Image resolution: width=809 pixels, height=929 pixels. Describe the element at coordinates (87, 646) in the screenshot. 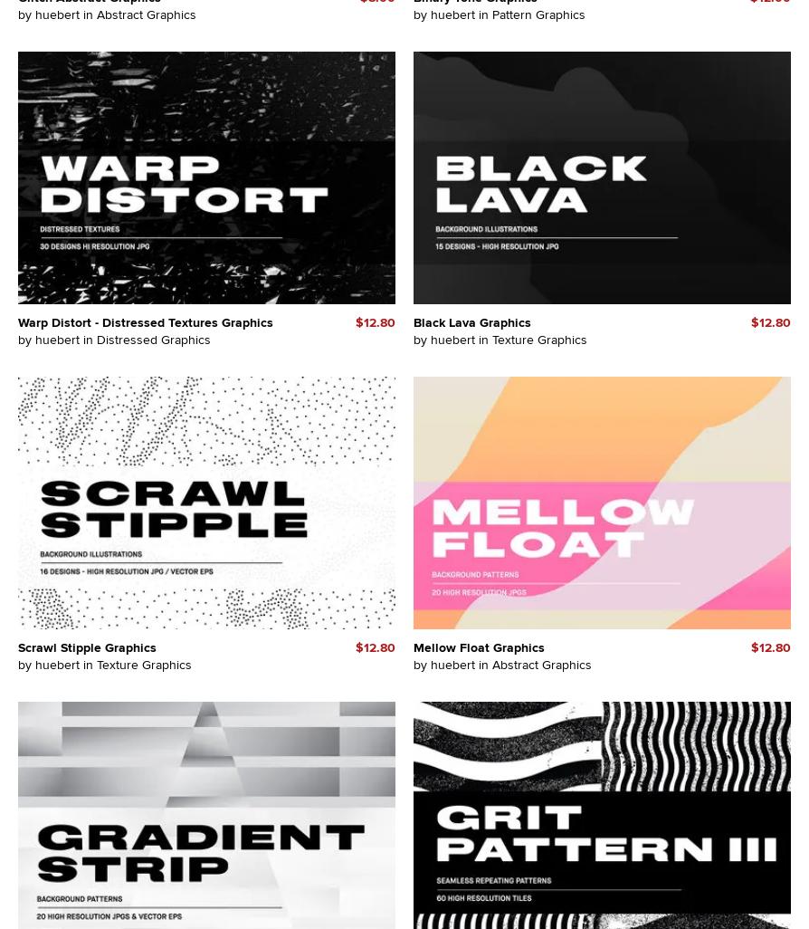

I see `'Scrawl Stipple  Graphics'` at that location.